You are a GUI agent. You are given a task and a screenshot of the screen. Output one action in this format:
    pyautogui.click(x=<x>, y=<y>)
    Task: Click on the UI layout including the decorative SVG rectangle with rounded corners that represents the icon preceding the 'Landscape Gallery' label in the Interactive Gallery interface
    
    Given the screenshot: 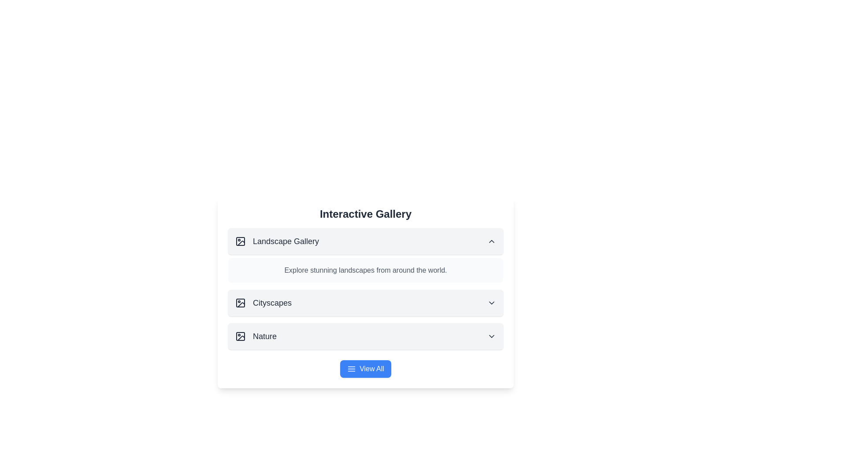 What is the action you would take?
    pyautogui.click(x=241, y=241)
    